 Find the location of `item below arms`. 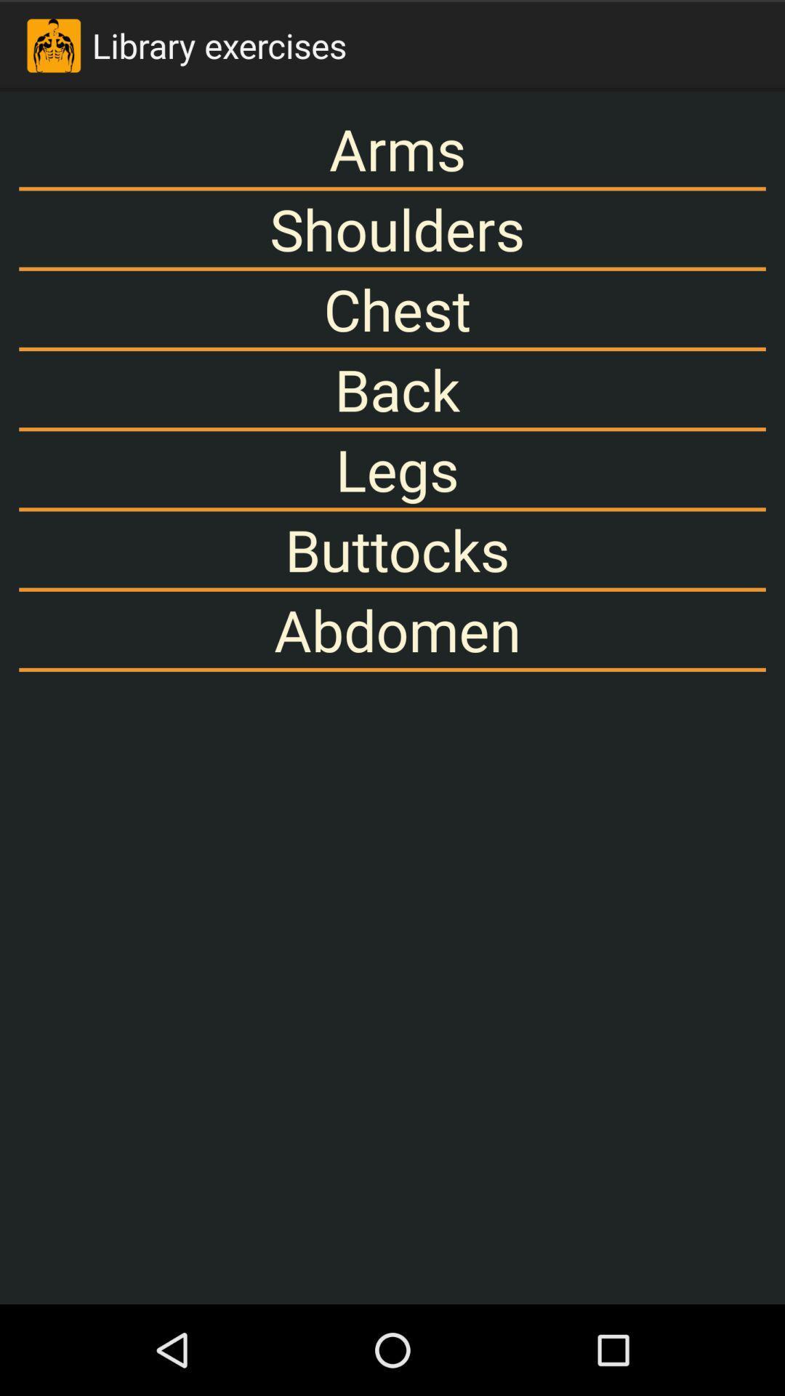

item below arms is located at coordinates (392, 228).